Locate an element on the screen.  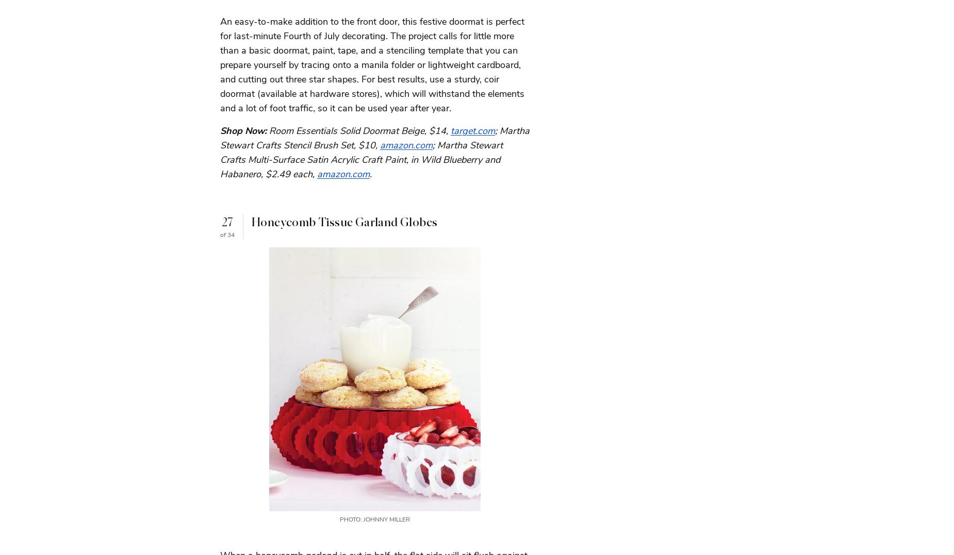
'; Martha Stewart Crafts Multi-Surface Satin Acrylic Craft Paint, in Wild Blueberry and Habanero, $2.49 each,' is located at coordinates (361, 159).